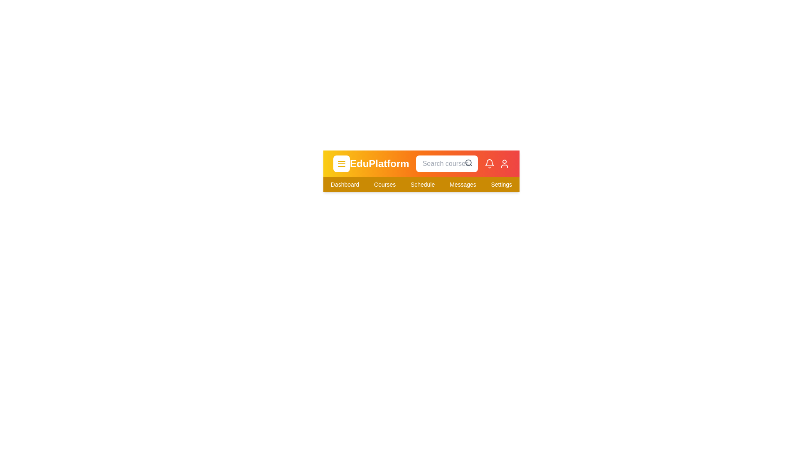 The image size is (798, 449). I want to click on the navigation item Settings, so click(501, 184).